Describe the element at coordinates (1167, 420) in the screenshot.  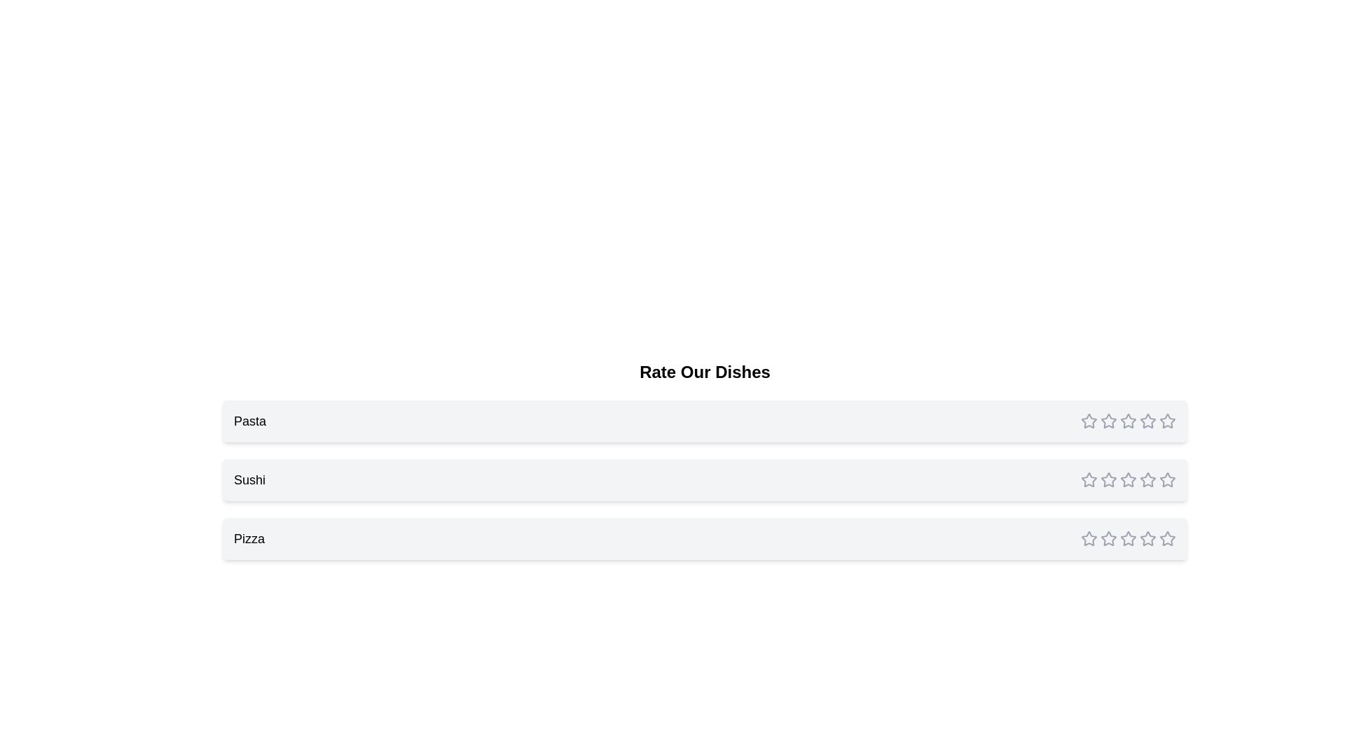
I see `the fifth star-shaped icon with gray outlines in the rating system to rate it, located to the right of the 'Pizza' label` at that location.